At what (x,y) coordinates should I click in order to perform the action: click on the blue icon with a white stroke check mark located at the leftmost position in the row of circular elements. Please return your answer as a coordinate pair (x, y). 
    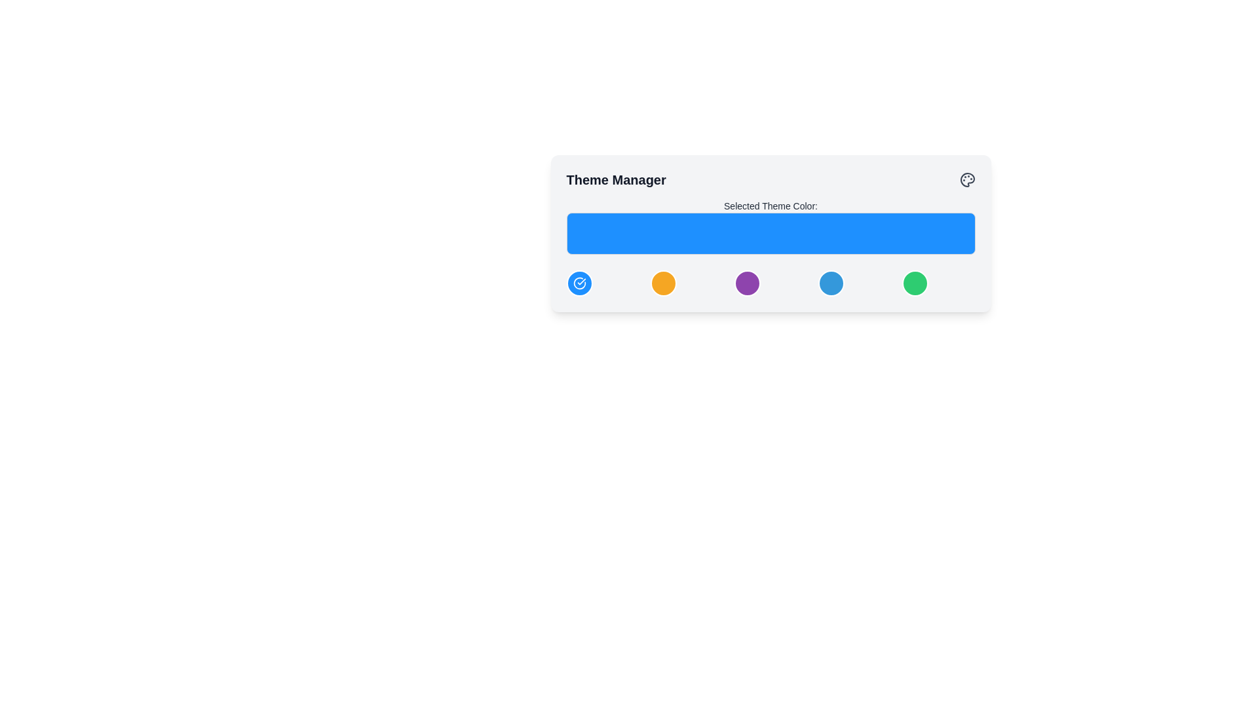
    Looking at the image, I should click on (579, 282).